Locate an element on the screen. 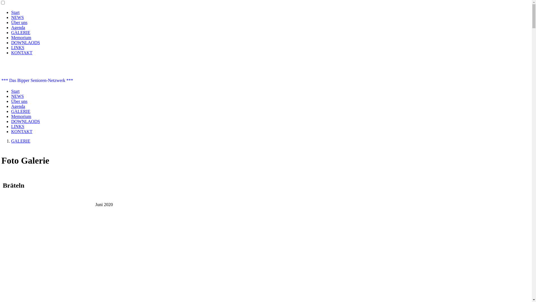  'Start' is located at coordinates (15, 12).